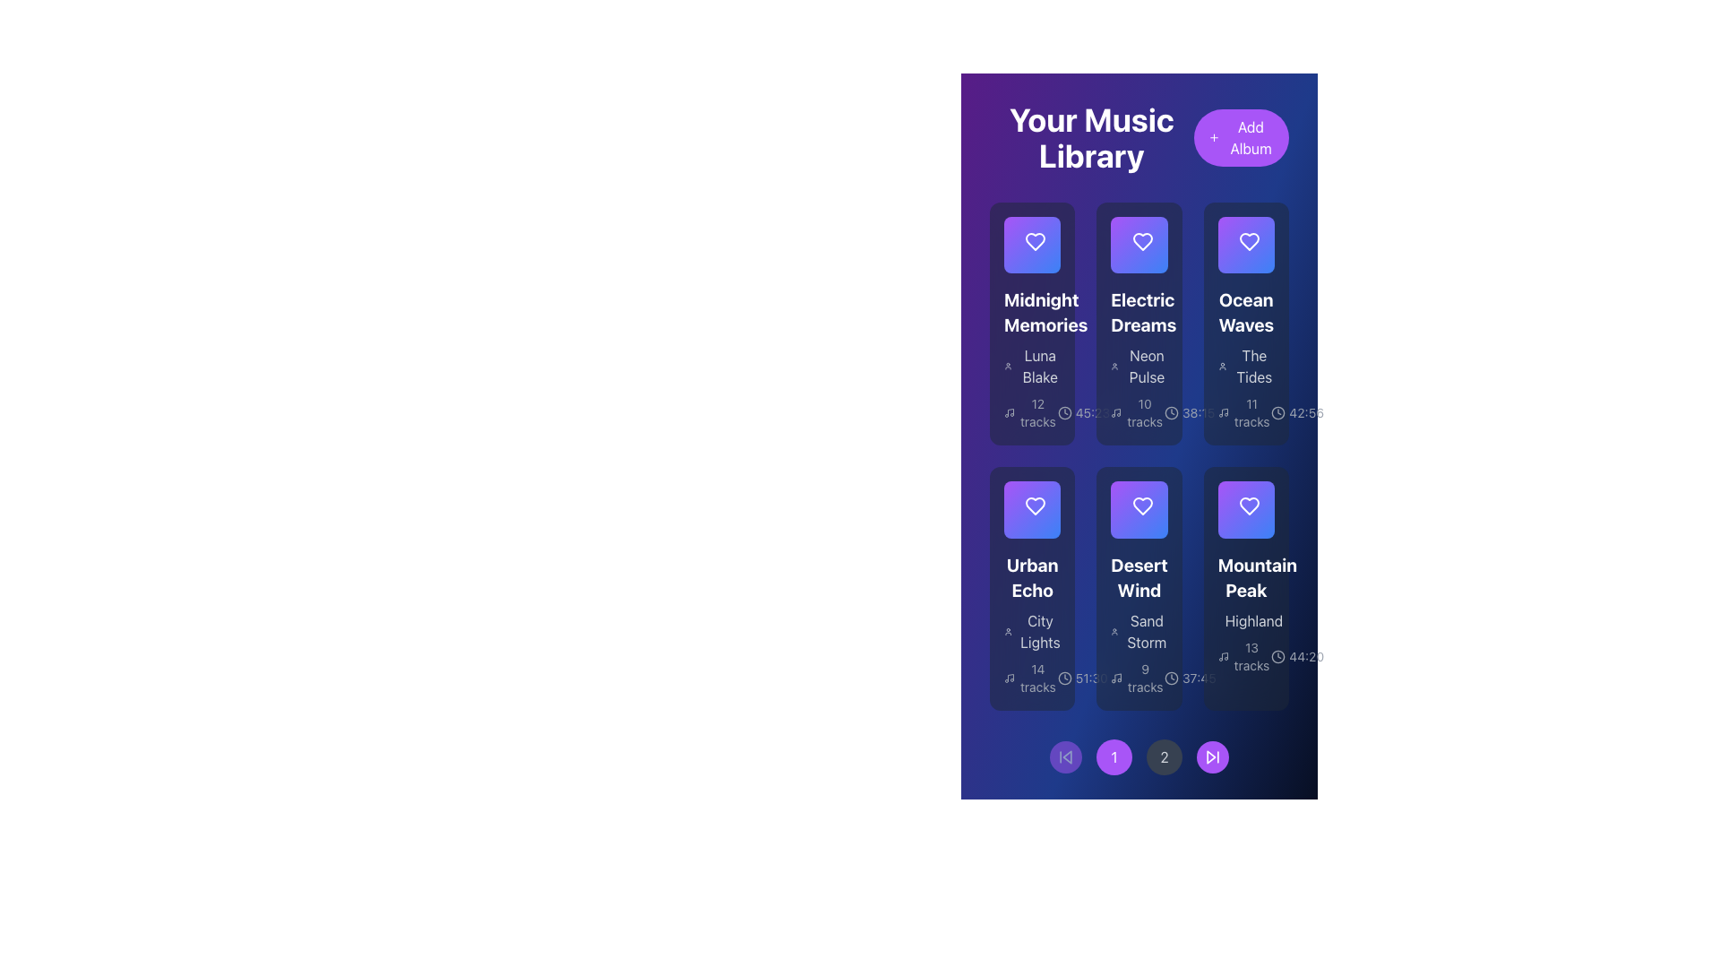  What do you see at coordinates (1139, 577) in the screenshot?
I see `the 'Desert Wind' music album title text located at the top of its module to copy it` at bounding box center [1139, 577].